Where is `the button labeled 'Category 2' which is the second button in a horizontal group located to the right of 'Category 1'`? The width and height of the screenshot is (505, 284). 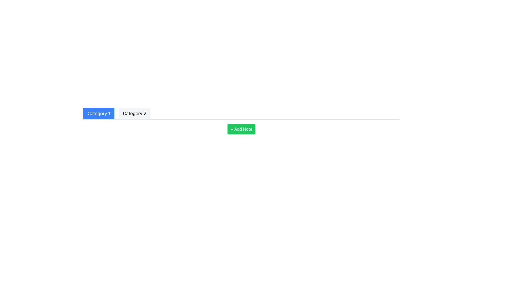
the button labeled 'Category 2' which is the second button in a horizontal group located to the right of 'Category 1' is located at coordinates (134, 113).